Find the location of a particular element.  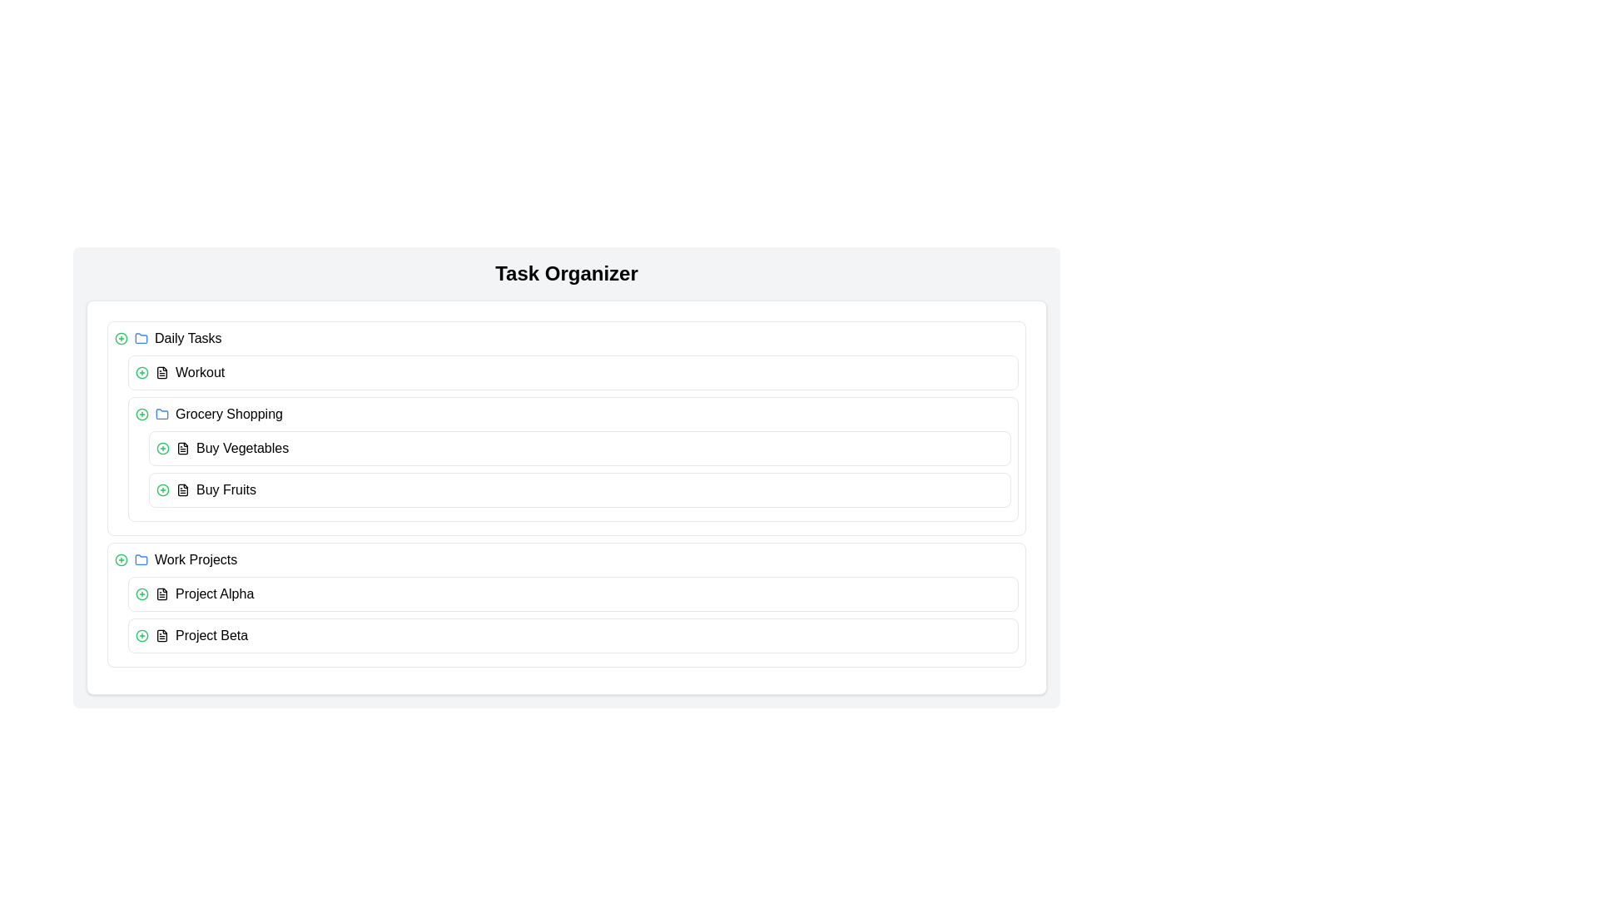

text label serving as the header for the 'Task Organizer' section, located at the top of the card is located at coordinates (567, 272).